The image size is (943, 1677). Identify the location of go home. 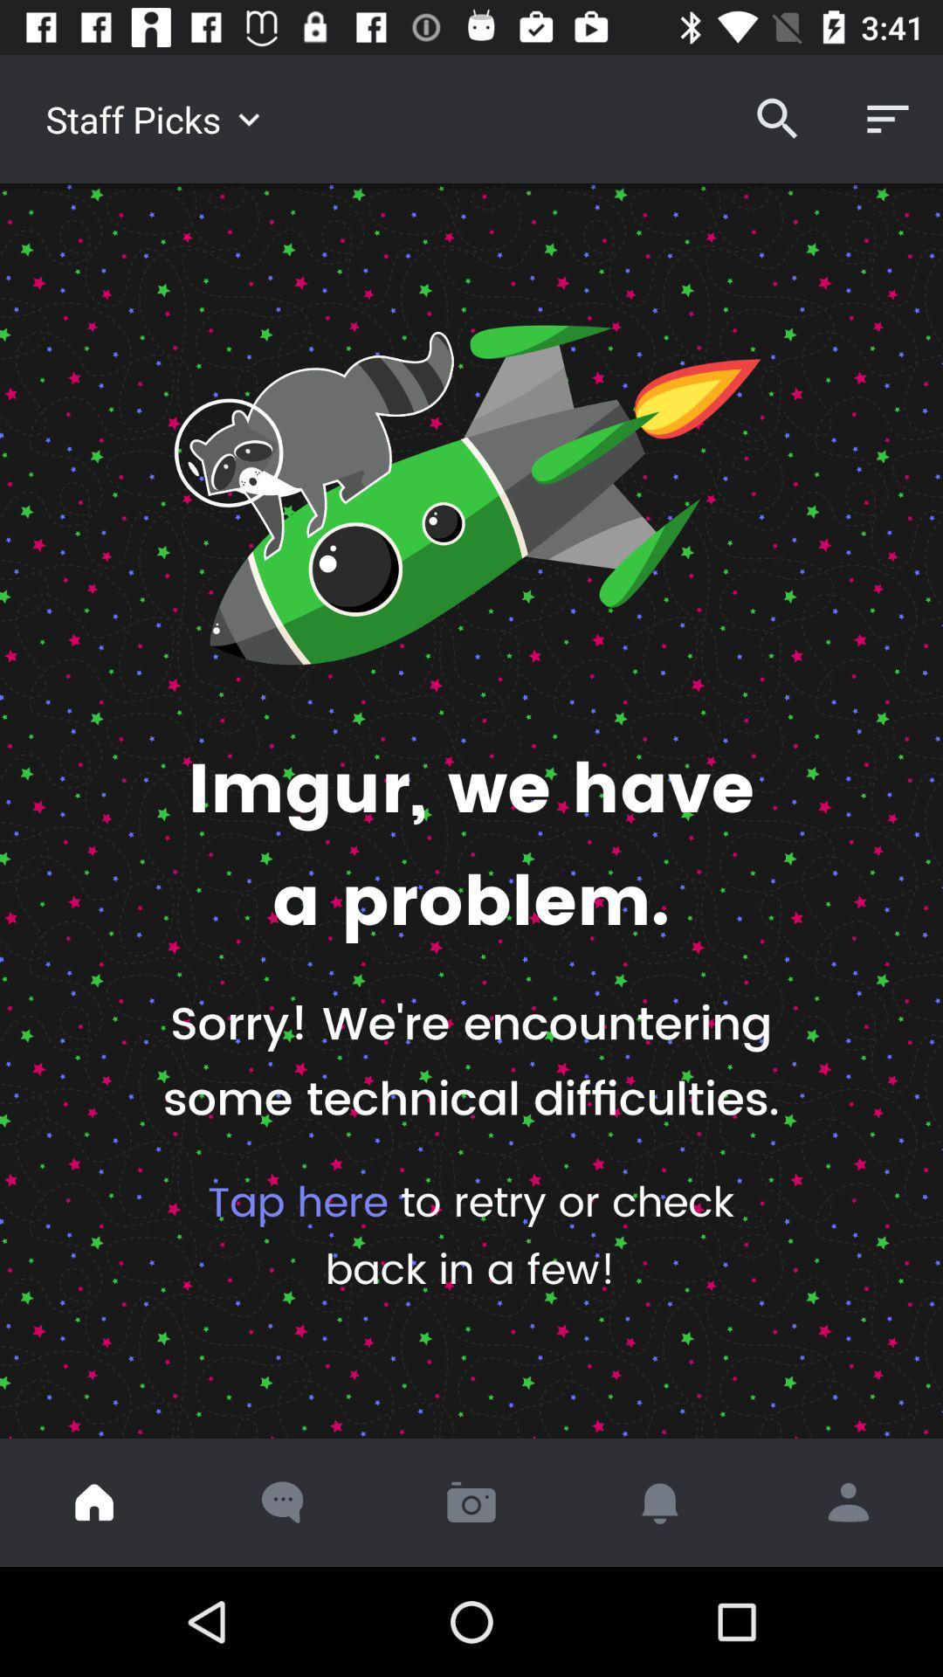
(94, 1501).